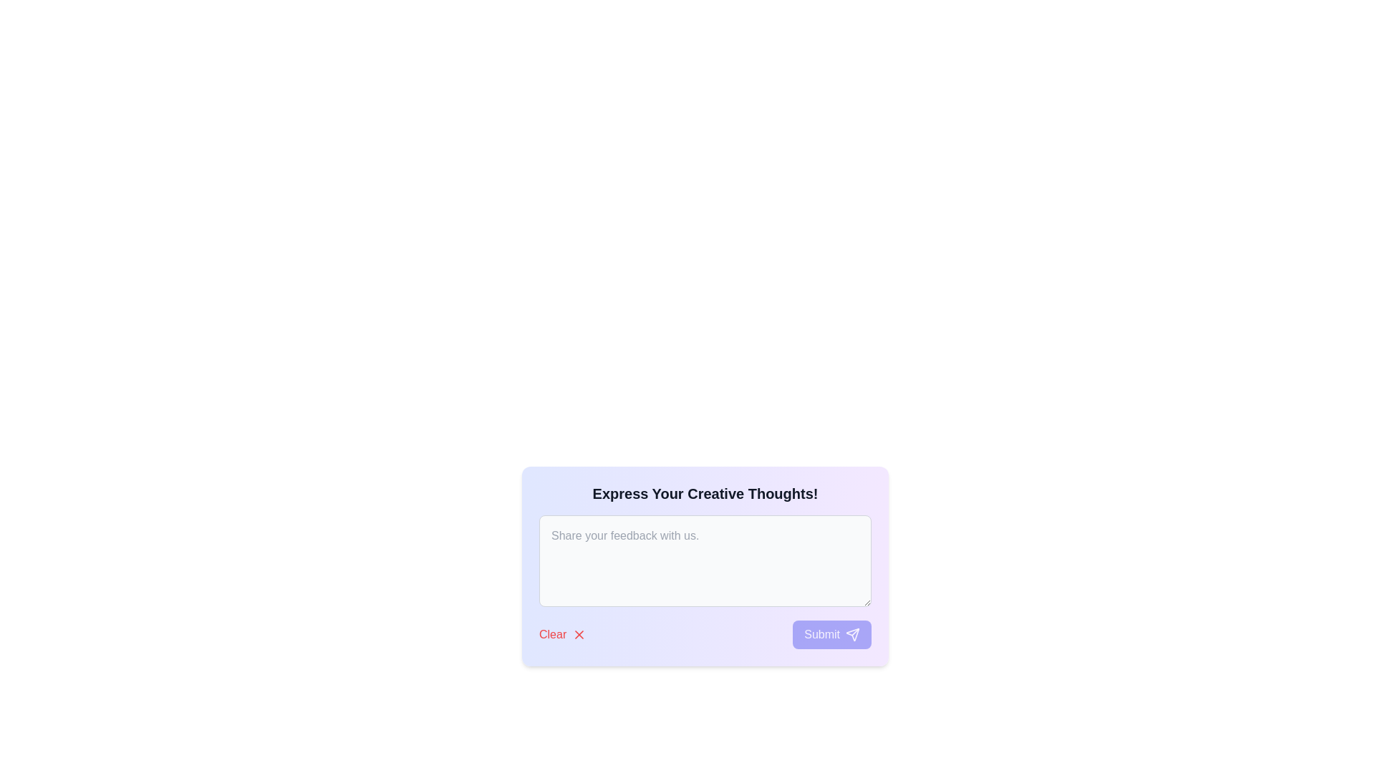 Image resolution: width=1375 pixels, height=773 pixels. Describe the element at coordinates (579, 634) in the screenshot. I see `the 'X' mark icon located to the right of the 'Clear' text in the feedback form area, which is styled in a bold line style and has a minimalist design` at that location.